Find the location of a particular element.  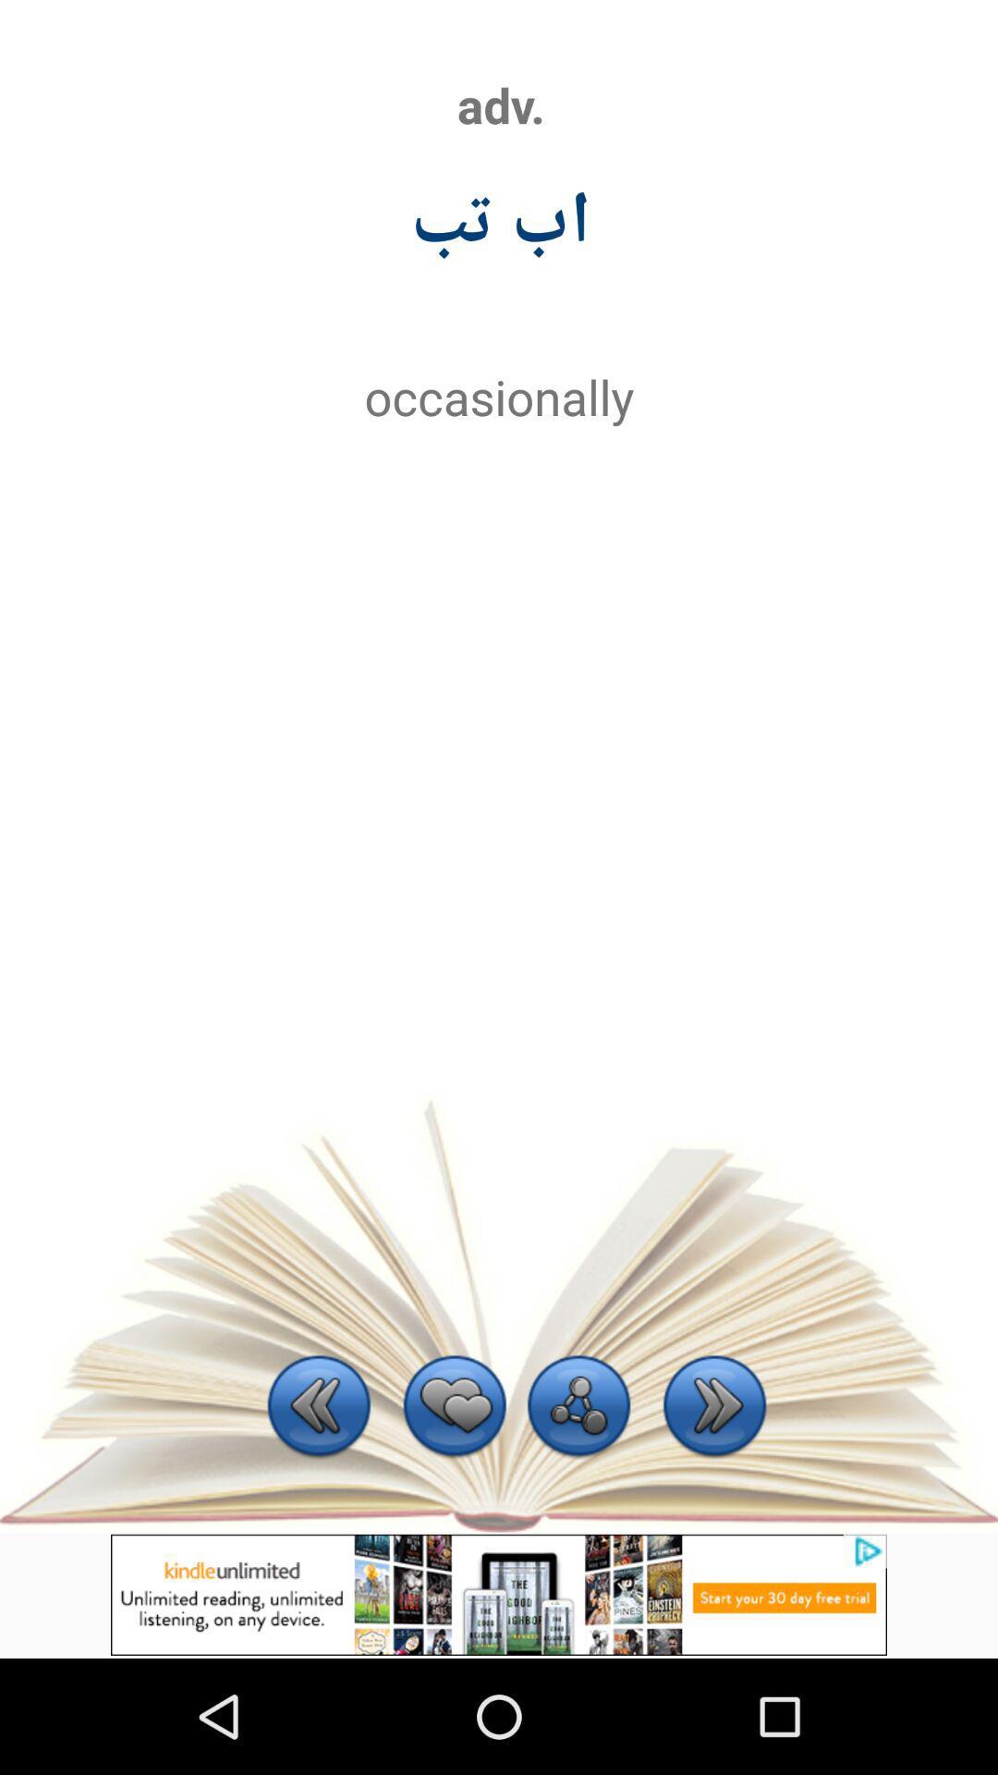

advertisements image is located at coordinates (499, 1594).